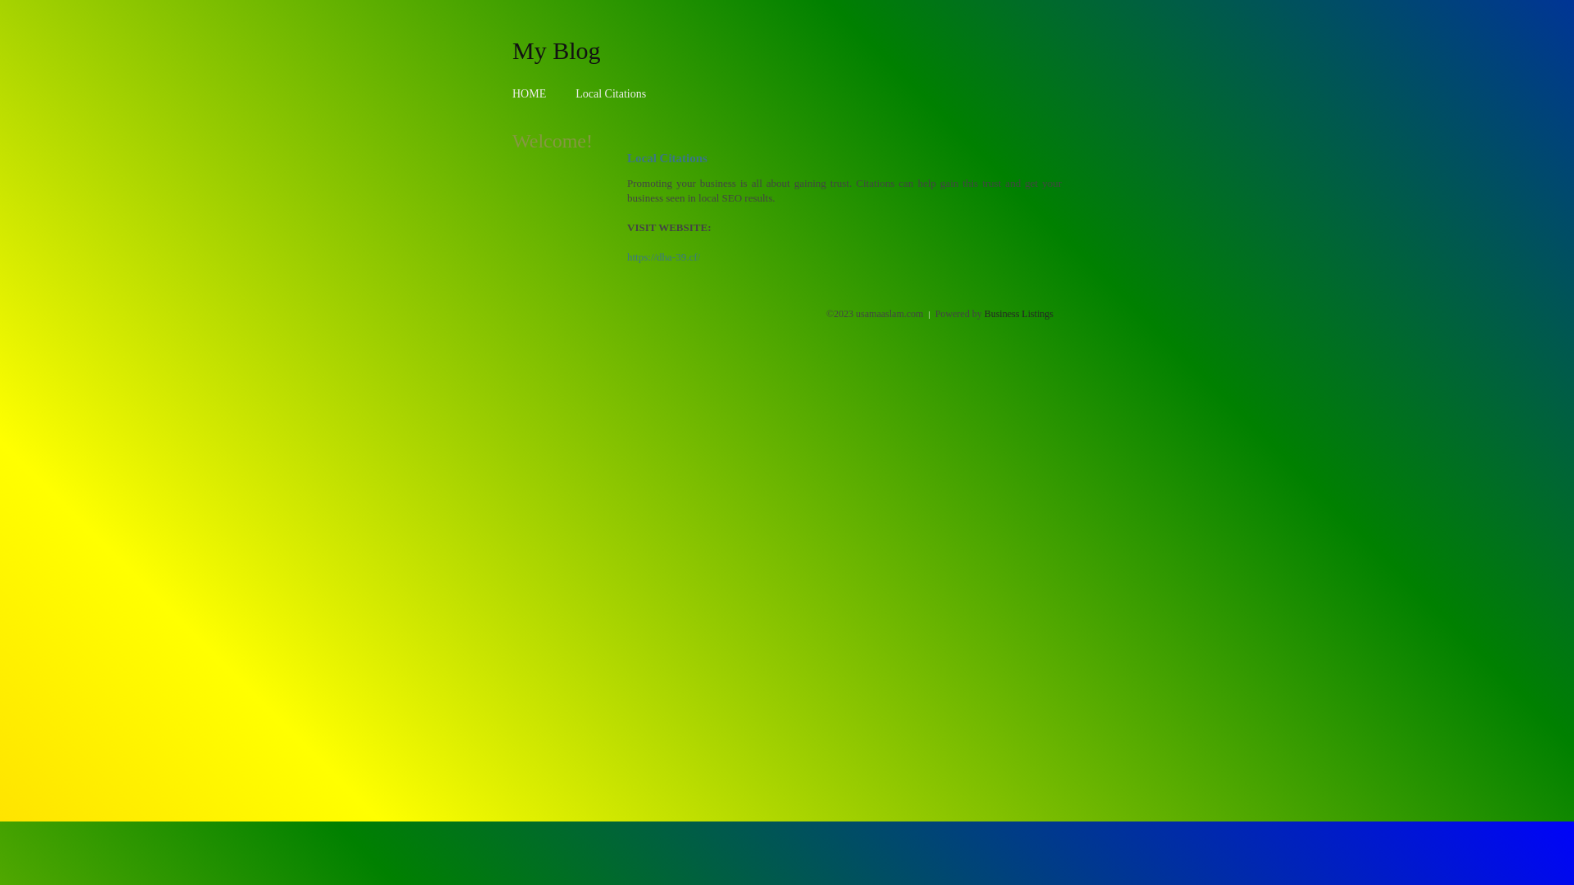 This screenshot has width=1574, height=885. I want to click on 'HOME', so click(511, 93).